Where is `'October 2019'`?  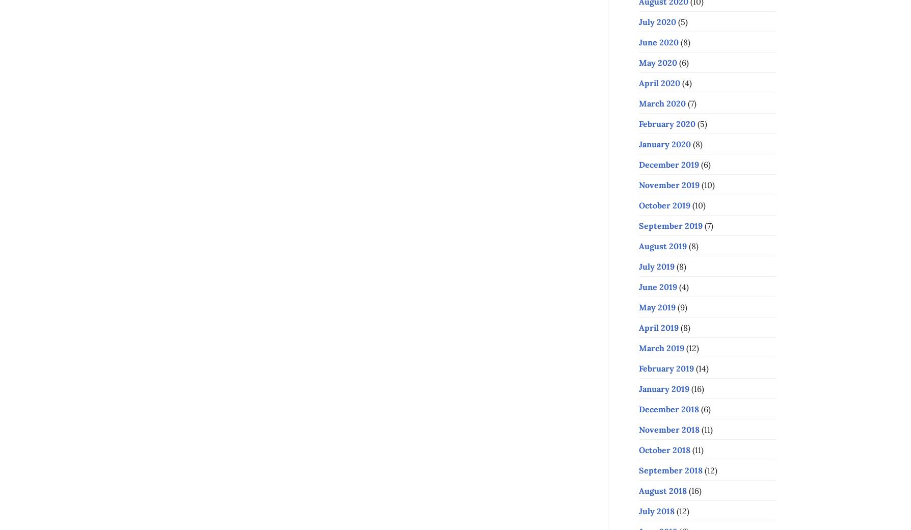 'October 2019' is located at coordinates (664, 204).